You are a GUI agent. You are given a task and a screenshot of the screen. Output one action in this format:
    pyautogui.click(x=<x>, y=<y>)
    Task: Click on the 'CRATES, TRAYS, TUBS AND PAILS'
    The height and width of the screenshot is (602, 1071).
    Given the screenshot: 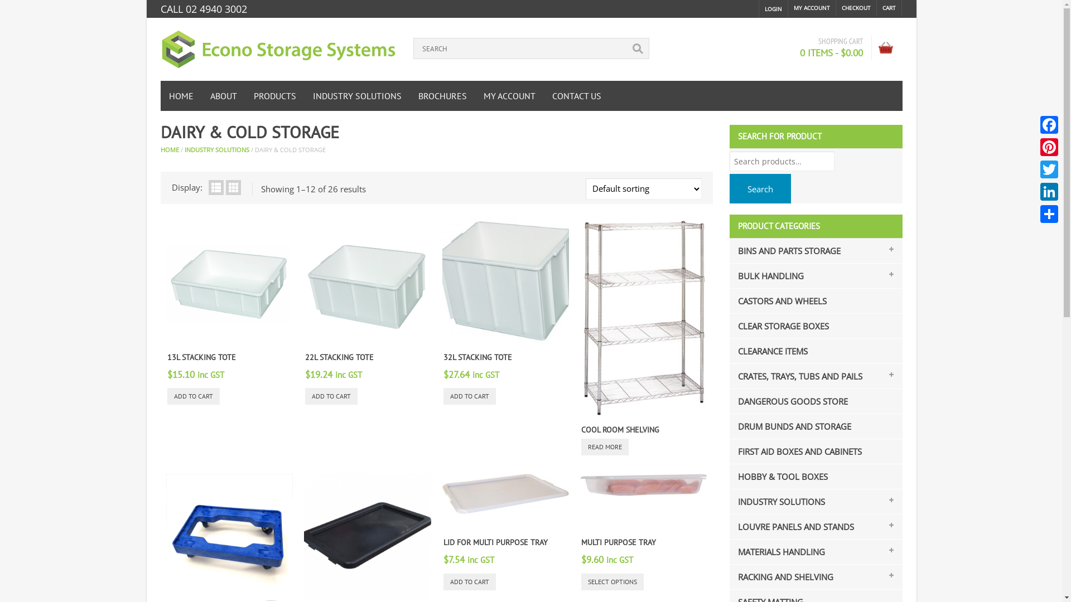 What is the action you would take?
    pyautogui.click(x=796, y=376)
    